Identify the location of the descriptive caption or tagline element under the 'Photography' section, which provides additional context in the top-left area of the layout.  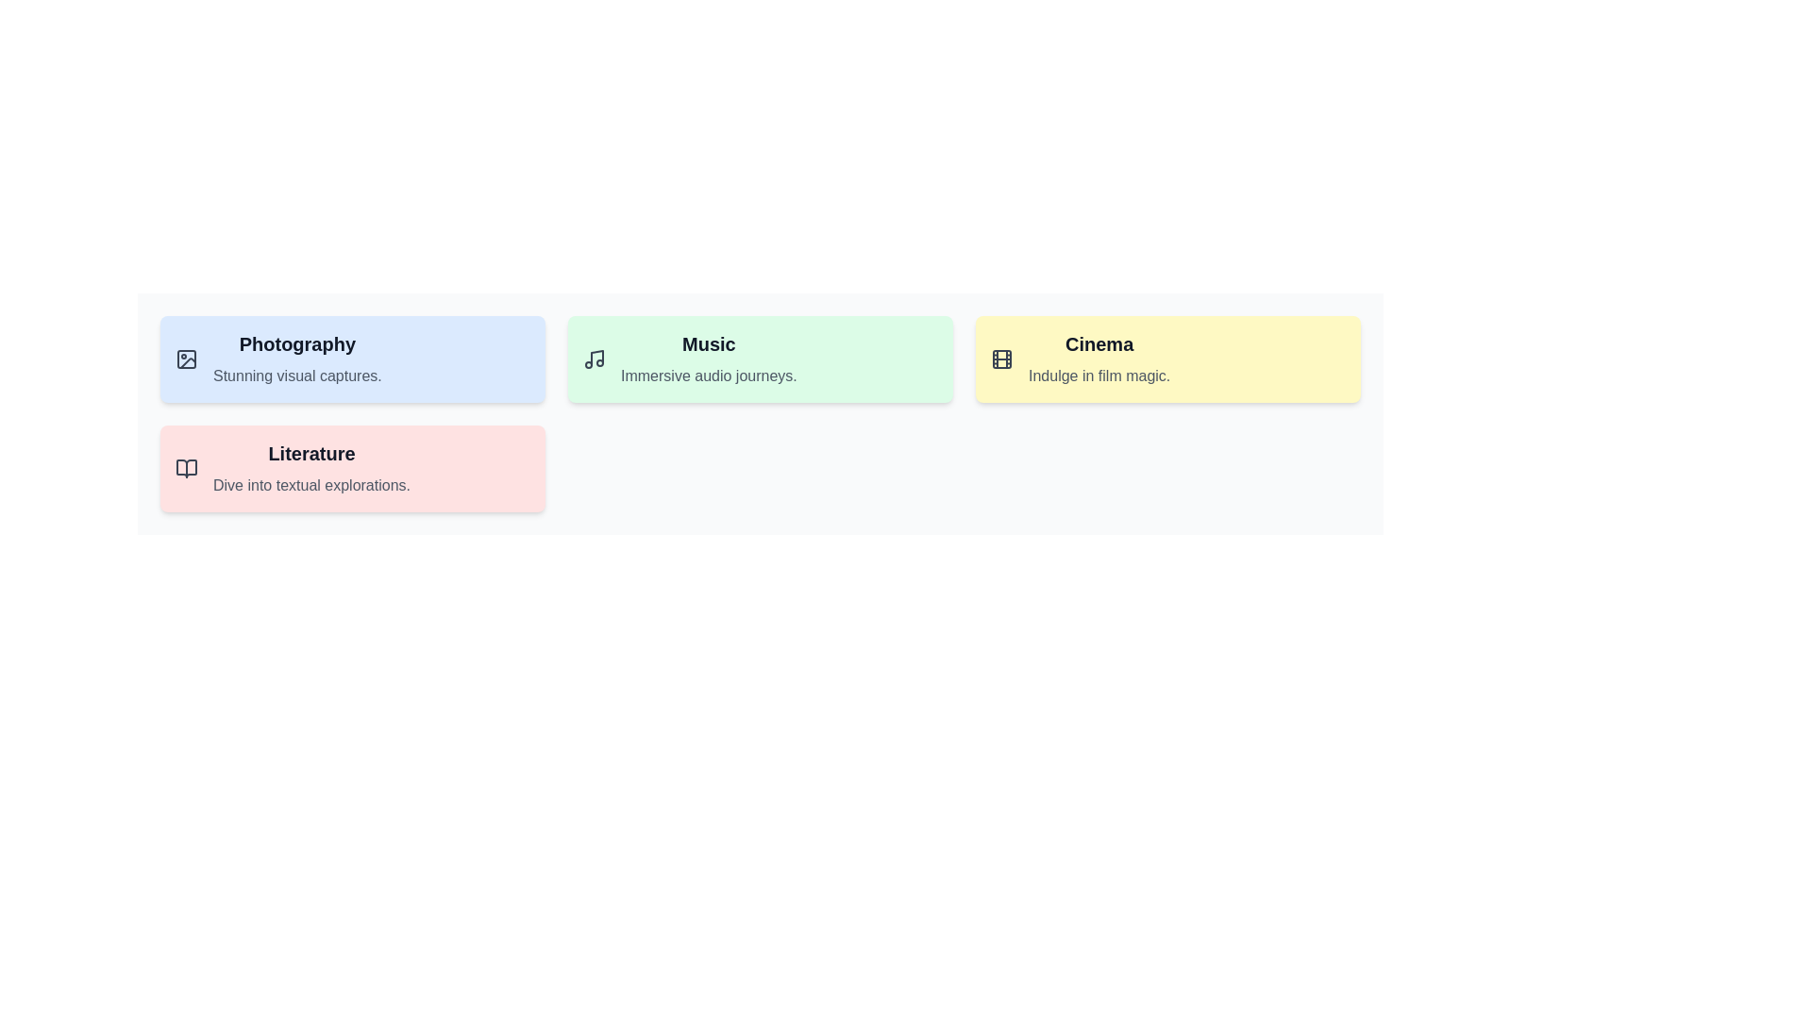
(296, 376).